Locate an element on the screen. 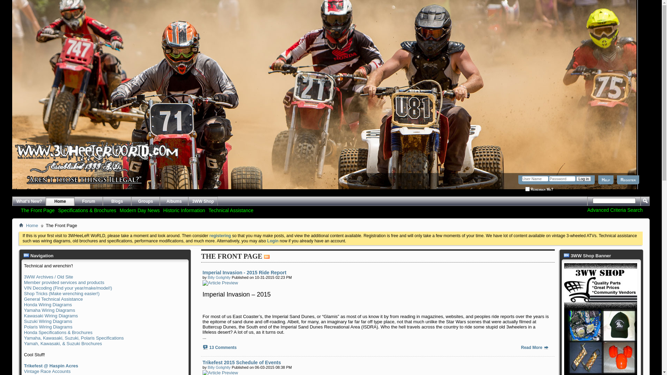  'Log in' is located at coordinates (584, 178).